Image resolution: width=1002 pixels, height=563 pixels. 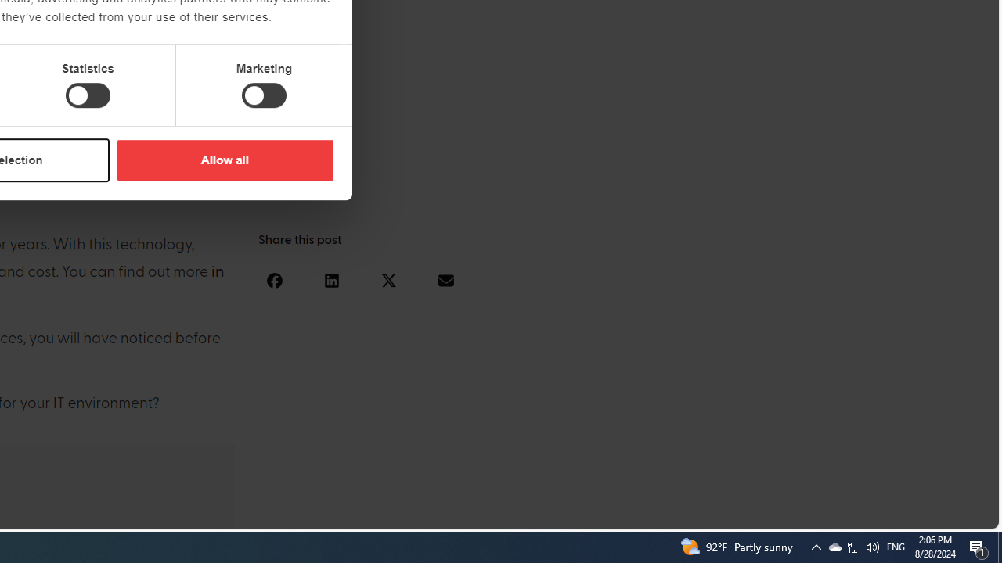 What do you see at coordinates (445, 279) in the screenshot?
I see `'Share on email'` at bounding box center [445, 279].